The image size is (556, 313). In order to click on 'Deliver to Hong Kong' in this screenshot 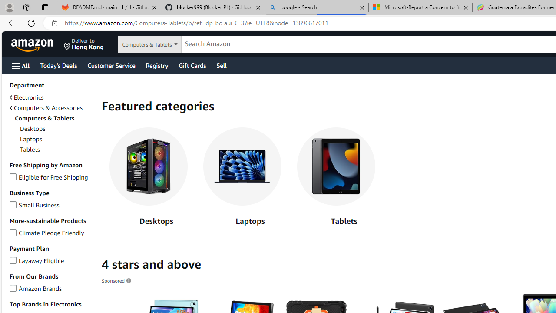, I will do `click(84, 44)`.